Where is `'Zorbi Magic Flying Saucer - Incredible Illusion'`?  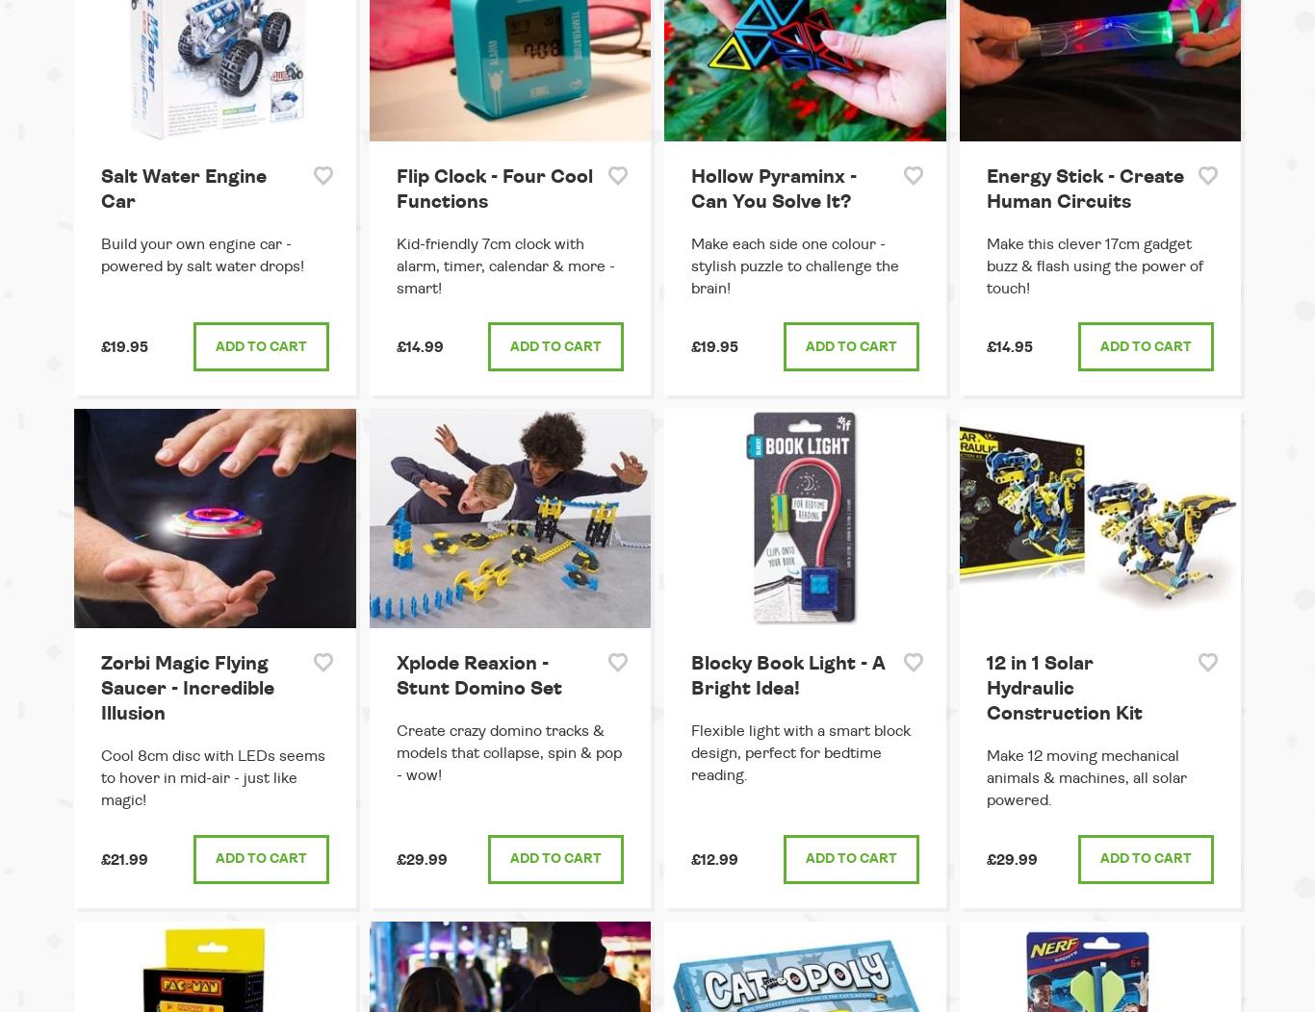
'Zorbi Magic Flying Saucer - Incredible Illusion' is located at coordinates (101, 688).